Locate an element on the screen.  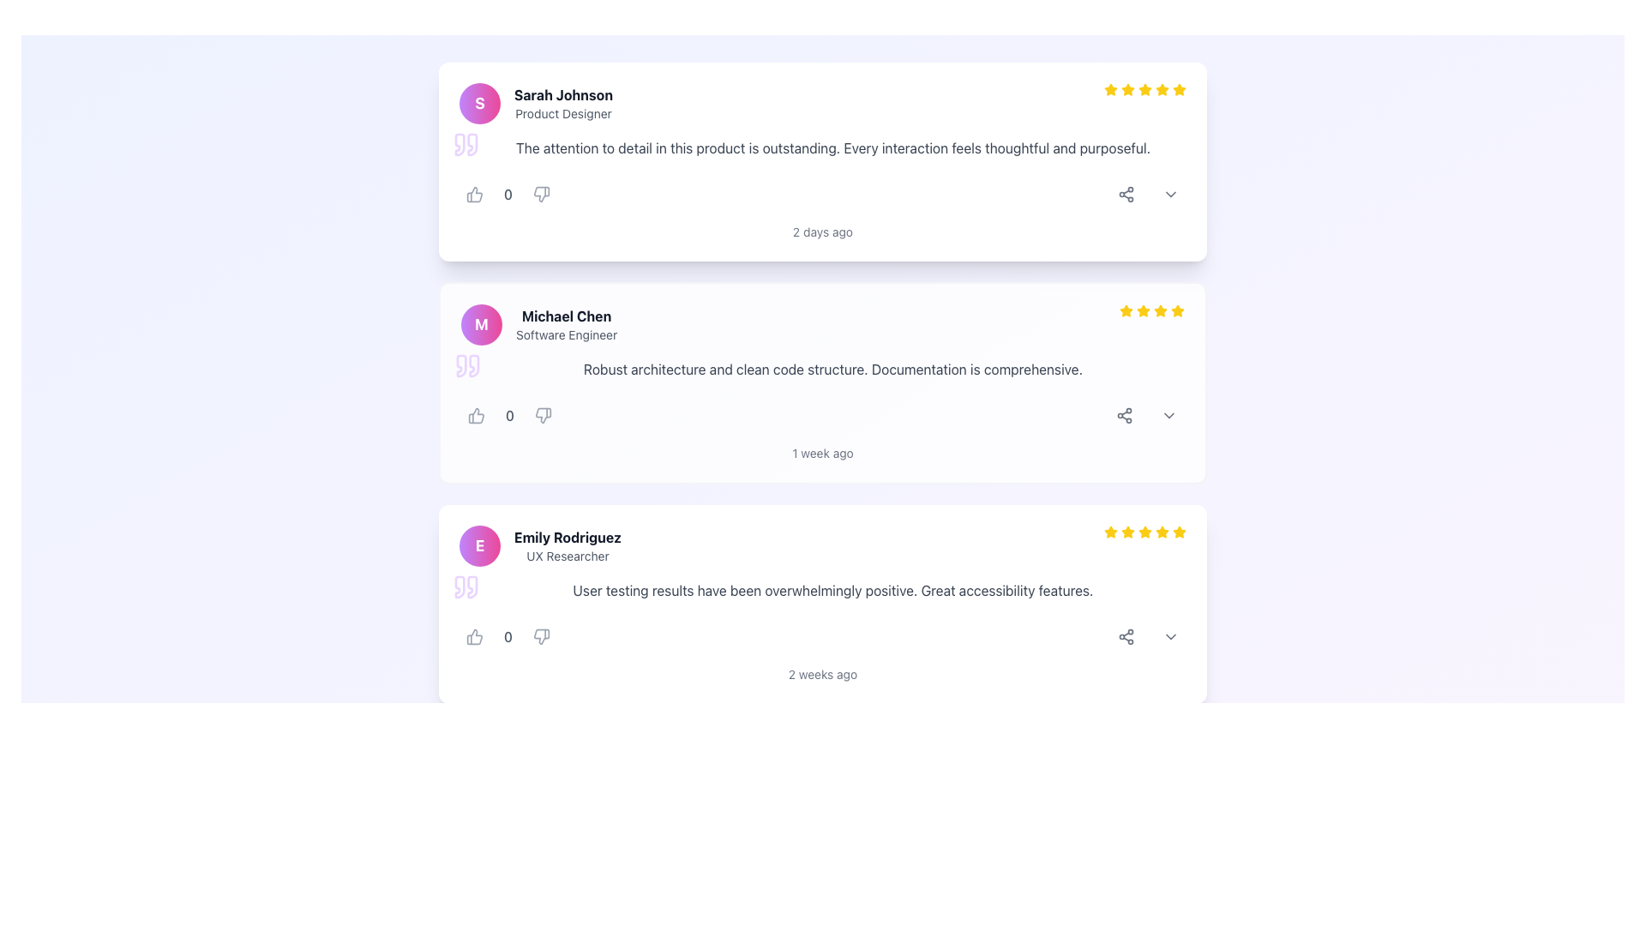
the thumbs-up icon located in the comment section for user Emily Rodriguez is located at coordinates (474, 637).